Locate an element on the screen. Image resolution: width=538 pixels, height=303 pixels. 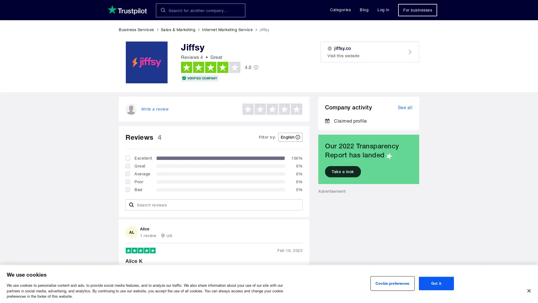
English is located at coordinates (290, 137).